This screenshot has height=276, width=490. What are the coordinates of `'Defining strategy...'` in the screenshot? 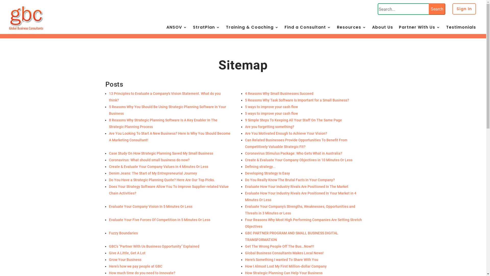 It's located at (245, 166).